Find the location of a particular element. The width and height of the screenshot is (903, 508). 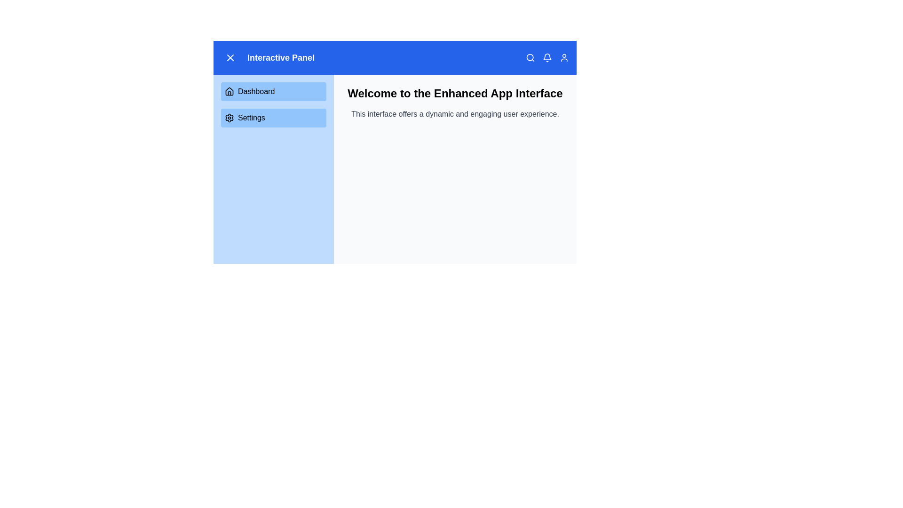

the 'Dashboard' button with a house-shaped icon in the light blue sidebar is located at coordinates (273, 92).